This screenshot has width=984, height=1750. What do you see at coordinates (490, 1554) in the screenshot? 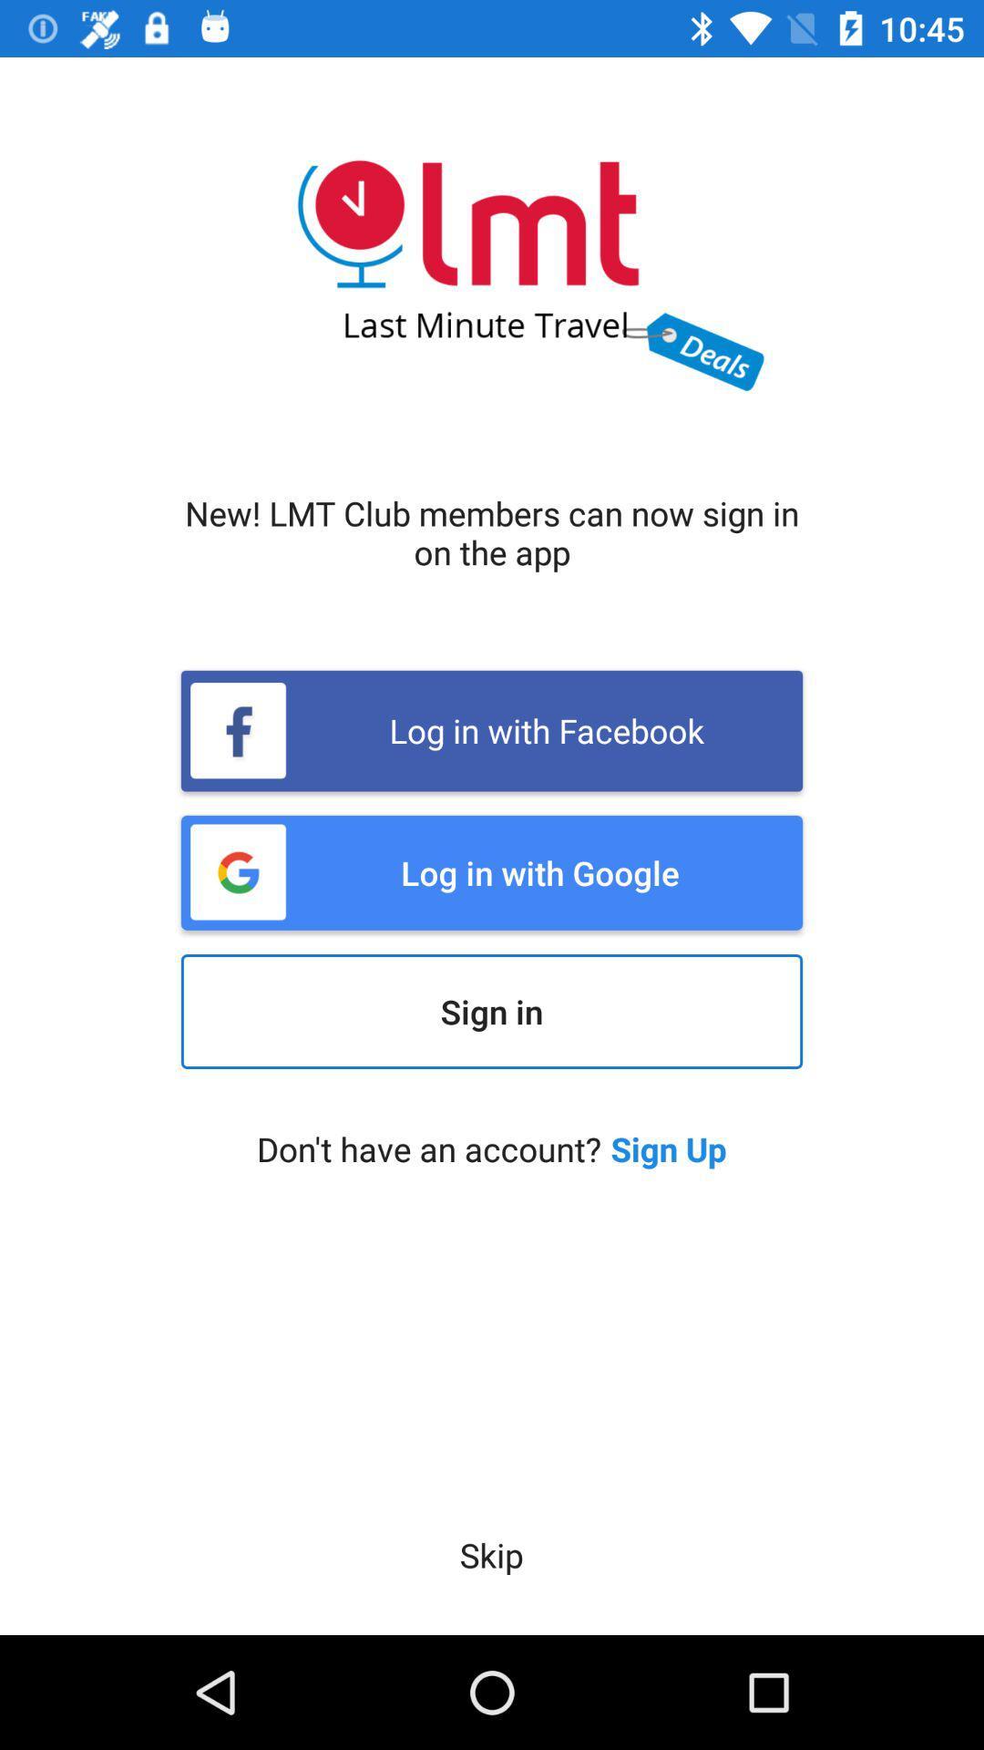
I see `the skip icon` at bounding box center [490, 1554].